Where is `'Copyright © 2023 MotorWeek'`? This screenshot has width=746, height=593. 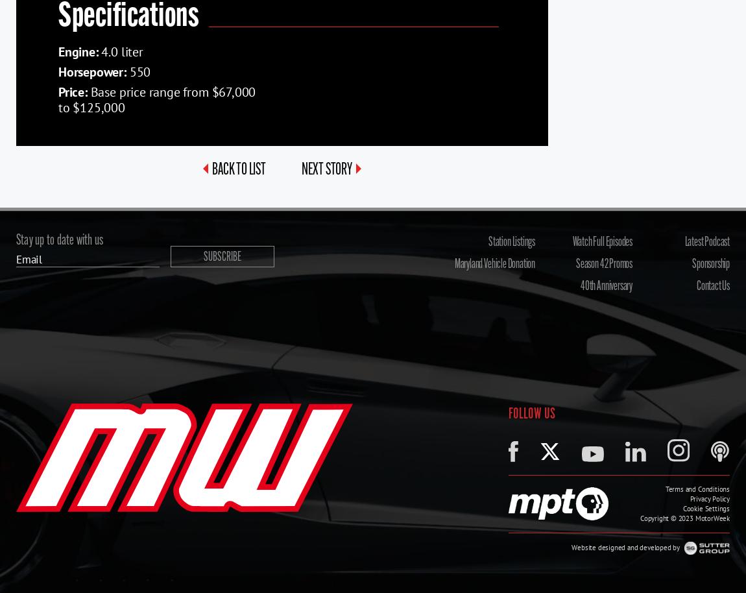
'Copyright © 2023 MotorWeek' is located at coordinates (640, 517).